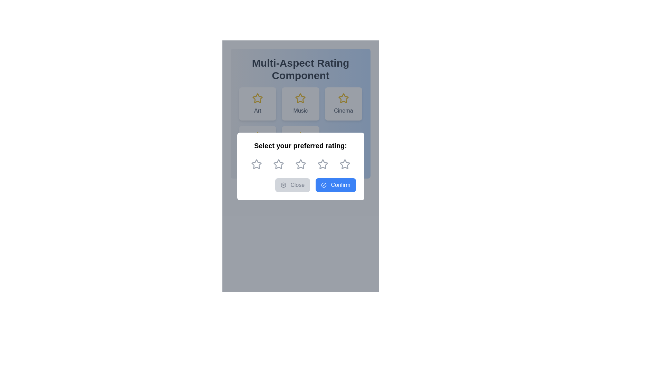 Image resolution: width=663 pixels, height=373 pixels. Describe the element at coordinates (292, 184) in the screenshot. I see `the close button located in the bottom section of the modal, which is aligned to the left of the 'Confirm' button` at that location.